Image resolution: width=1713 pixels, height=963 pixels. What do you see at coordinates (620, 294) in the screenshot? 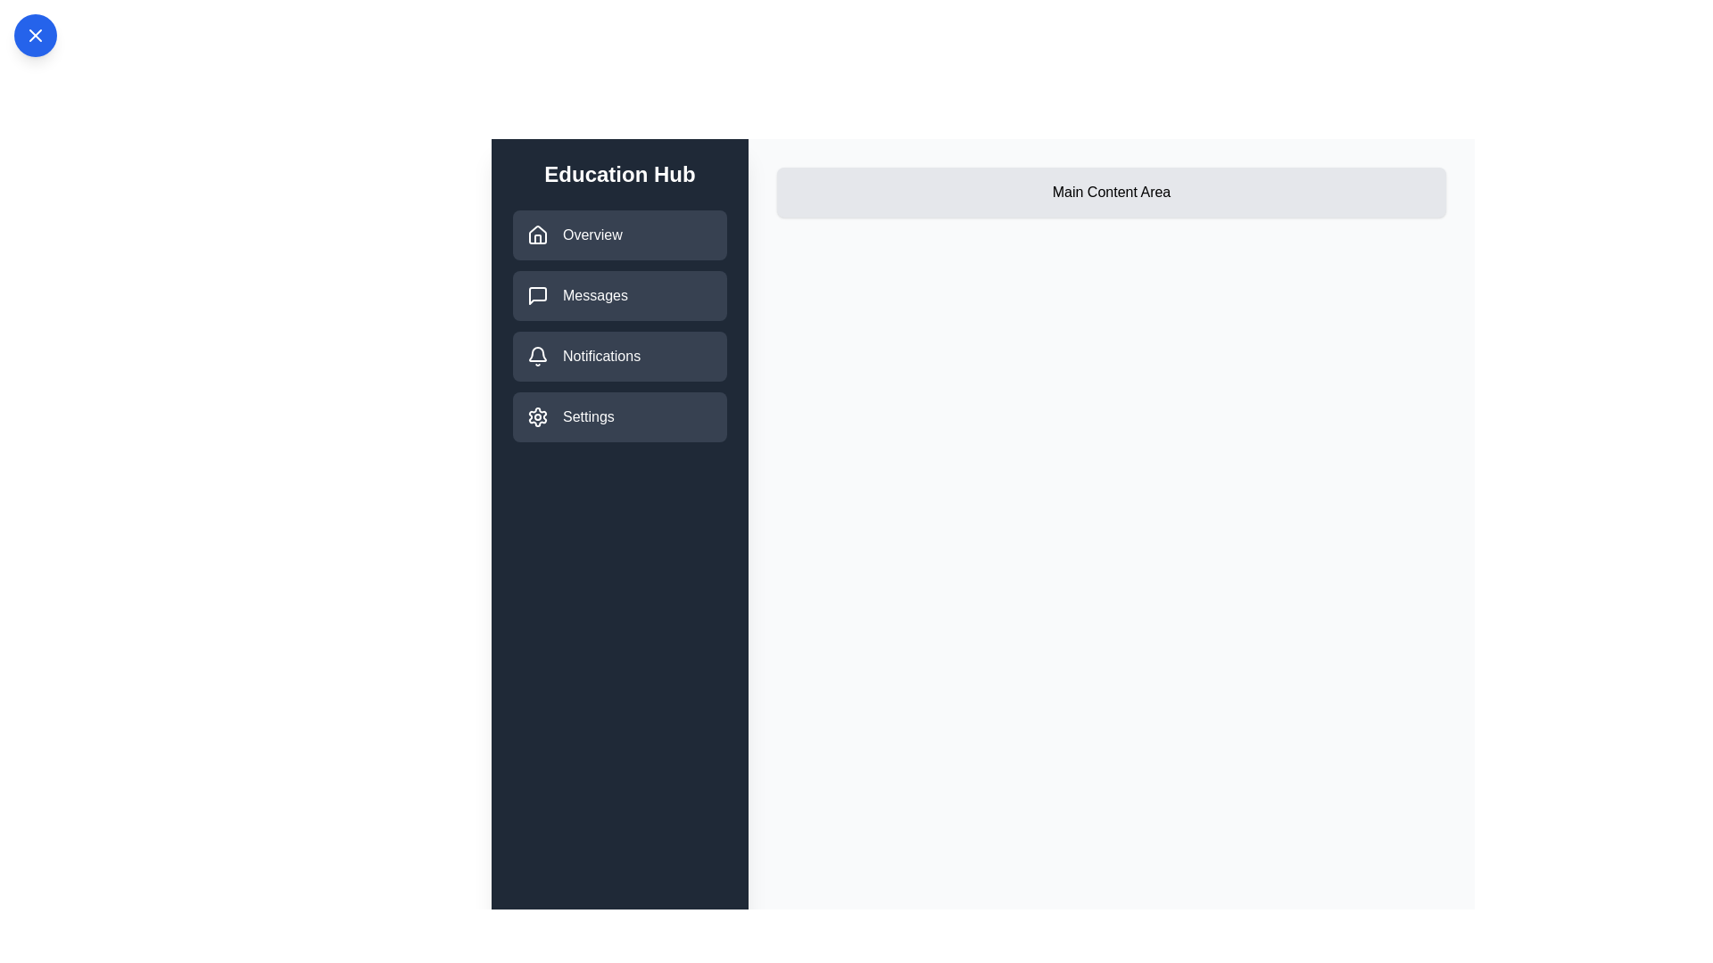
I see `the Messages section from the drawer` at bounding box center [620, 294].